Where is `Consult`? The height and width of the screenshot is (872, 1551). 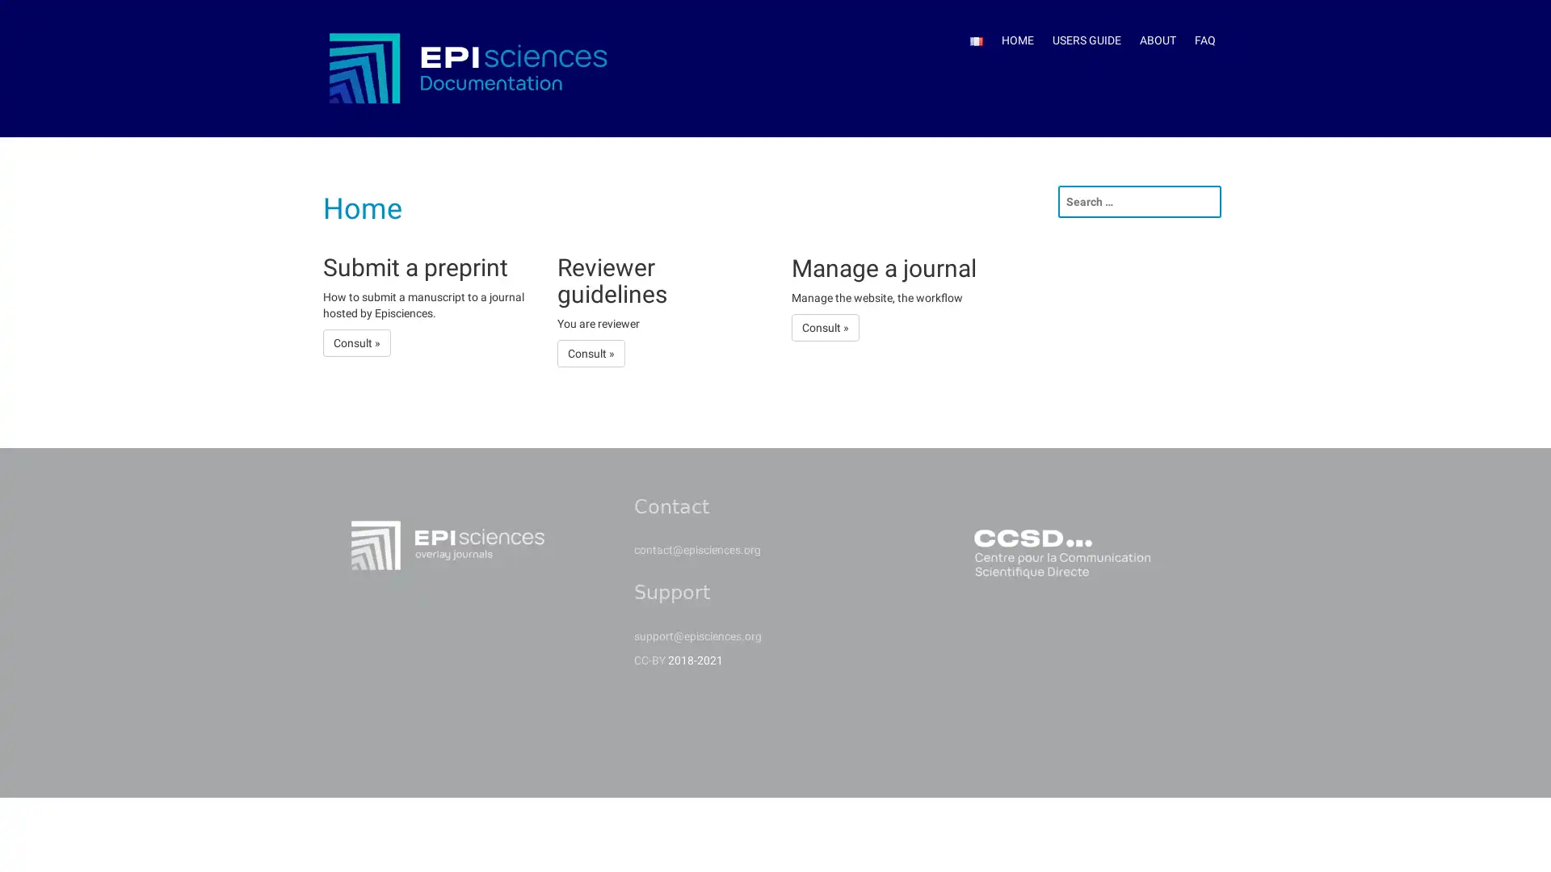
Consult is located at coordinates (589, 351).